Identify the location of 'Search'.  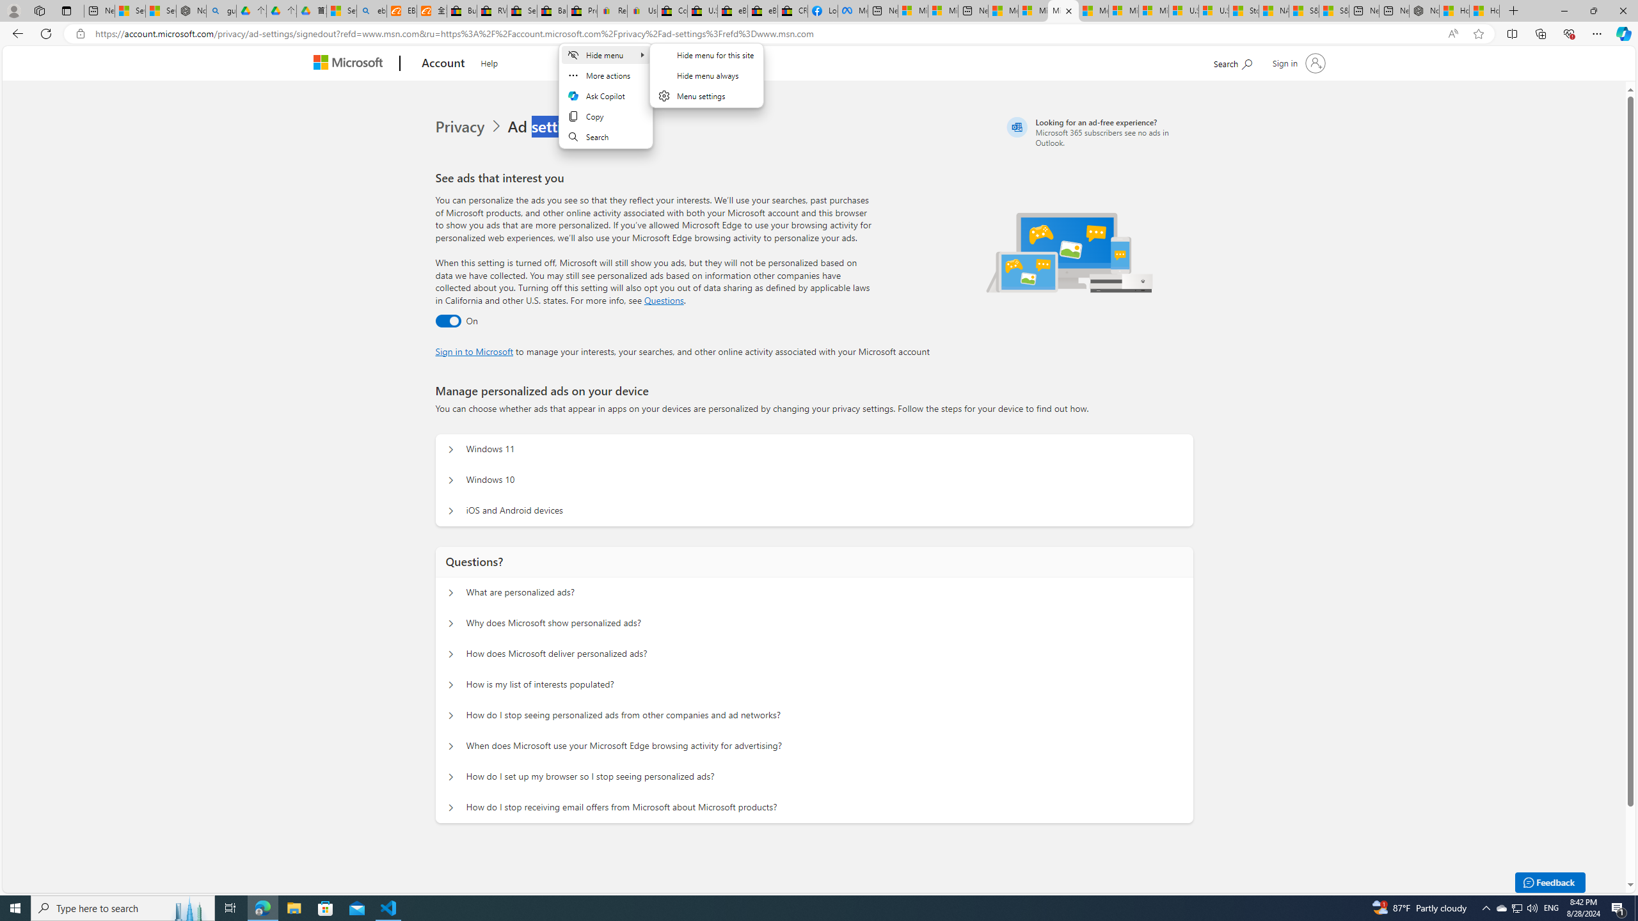
(605, 137).